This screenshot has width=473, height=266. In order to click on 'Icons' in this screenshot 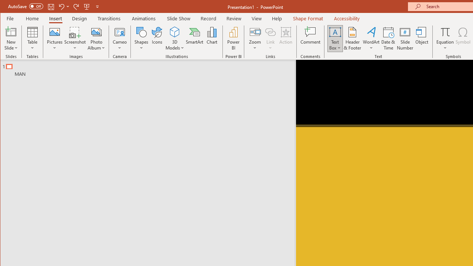, I will do `click(156, 38)`.